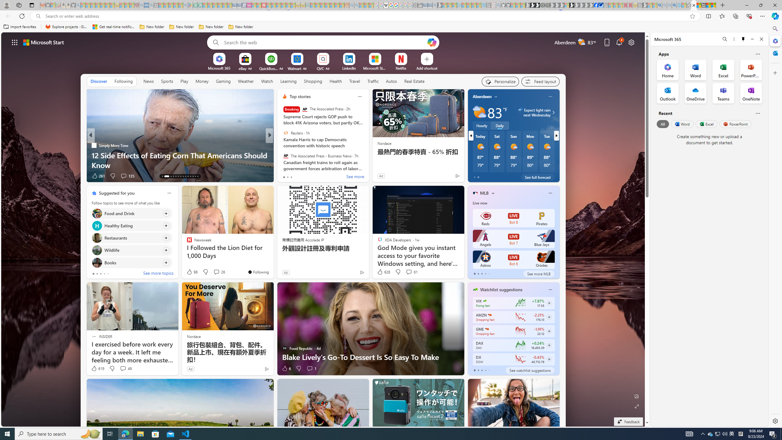 The image size is (782, 440). Describe the element at coordinates (429, 5) in the screenshot. I see `'Cheap Car Rentals - Save70.com - Sleeping'` at that location.